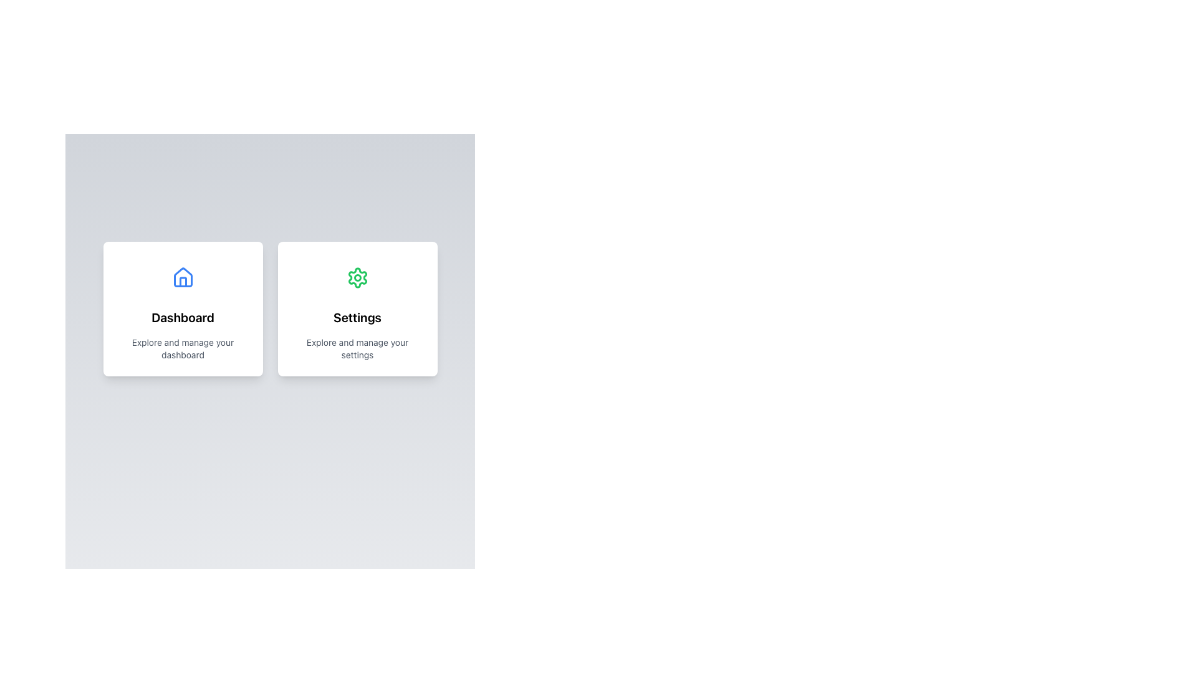  What do you see at coordinates (182, 277) in the screenshot?
I see `the Dashboard icon located at the upper section of the Dashboard card, which assists in identifying the related functionality` at bounding box center [182, 277].